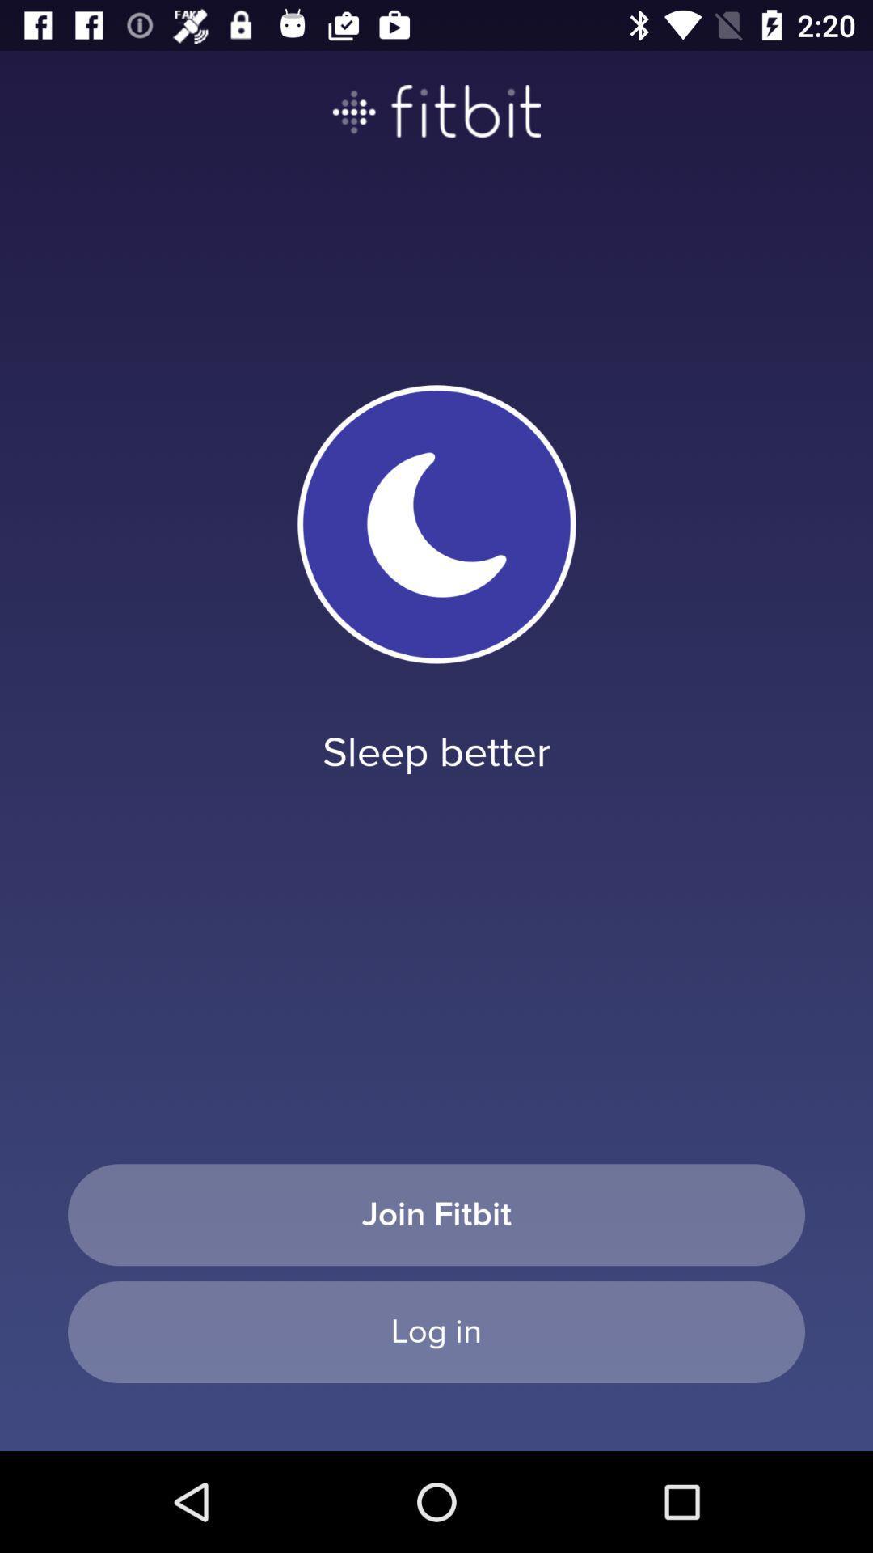 This screenshot has width=873, height=1553. What do you see at coordinates (436, 1215) in the screenshot?
I see `icon below sleep better item` at bounding box center [436, 1215].